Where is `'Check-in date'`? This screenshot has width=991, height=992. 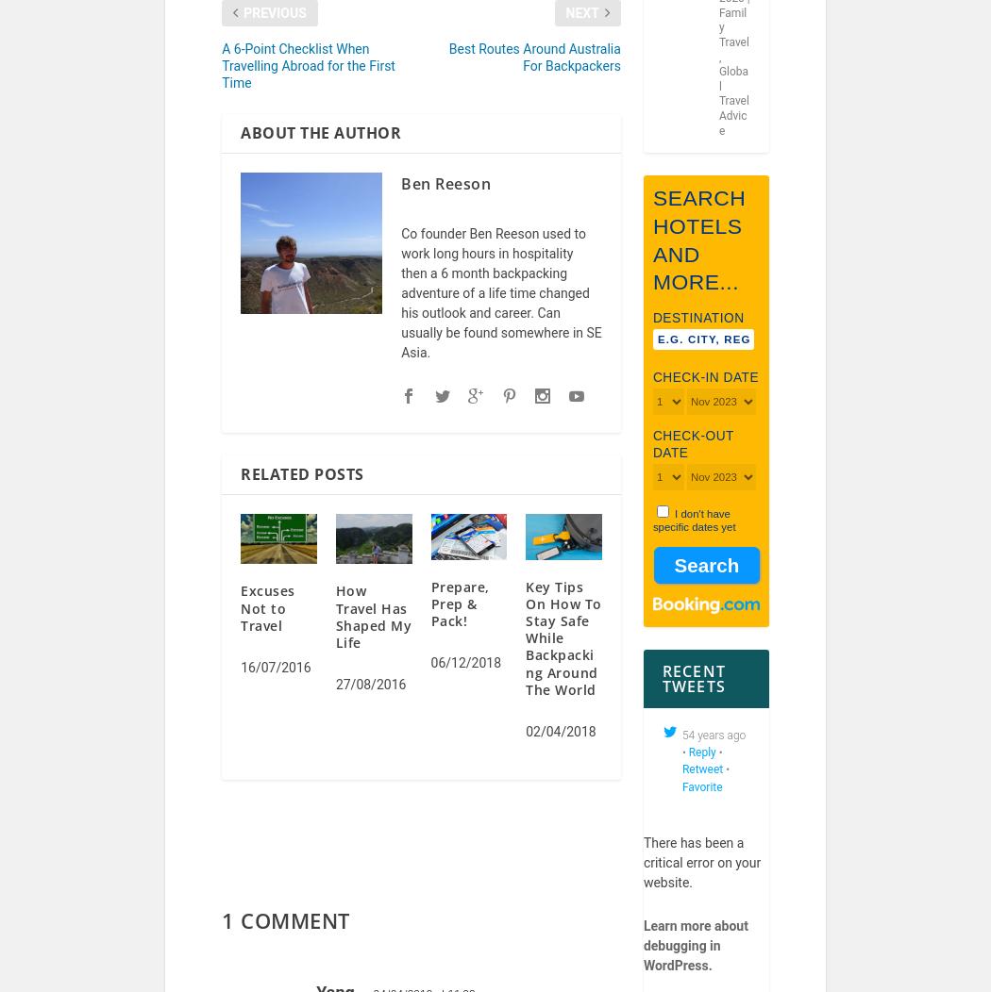 'Check-in date' is located at coordinates (652, 389).